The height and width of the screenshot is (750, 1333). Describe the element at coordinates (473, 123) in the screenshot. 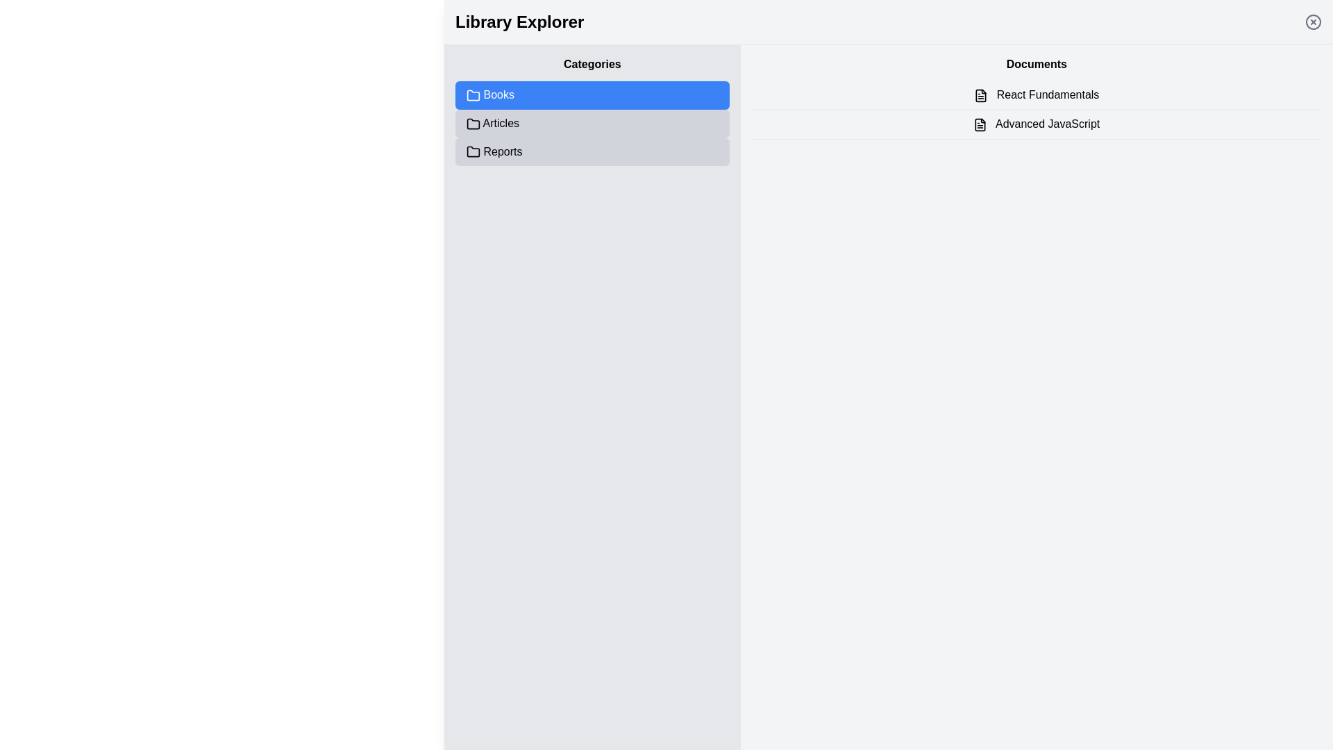

I see `the visual appearance of the 'Articles' folder icon, which is part of a vertical list of folder icons on the left side of the interface, positioned between 'Books' and 'Reports'` at that location.